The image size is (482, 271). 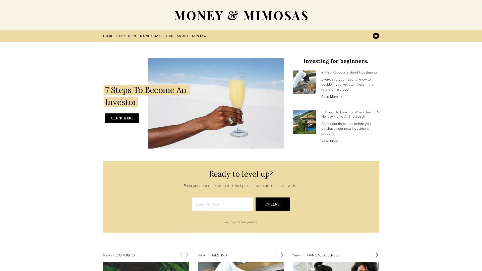 What do you see at coordinates (180, 254) in the screenshot?
I see `Previous` at bounding box center [180, 254].